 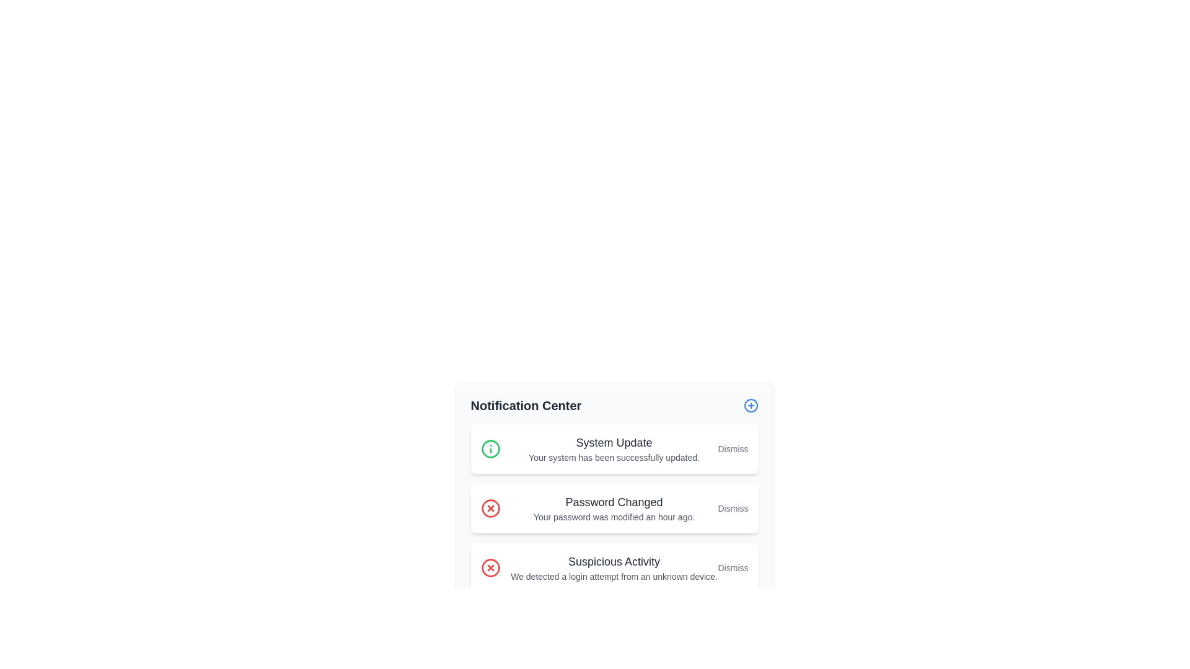 I want to click on the circular SVG component with a blue border and white fill, located in the header section of the notification center, so click(x=750, y=406).